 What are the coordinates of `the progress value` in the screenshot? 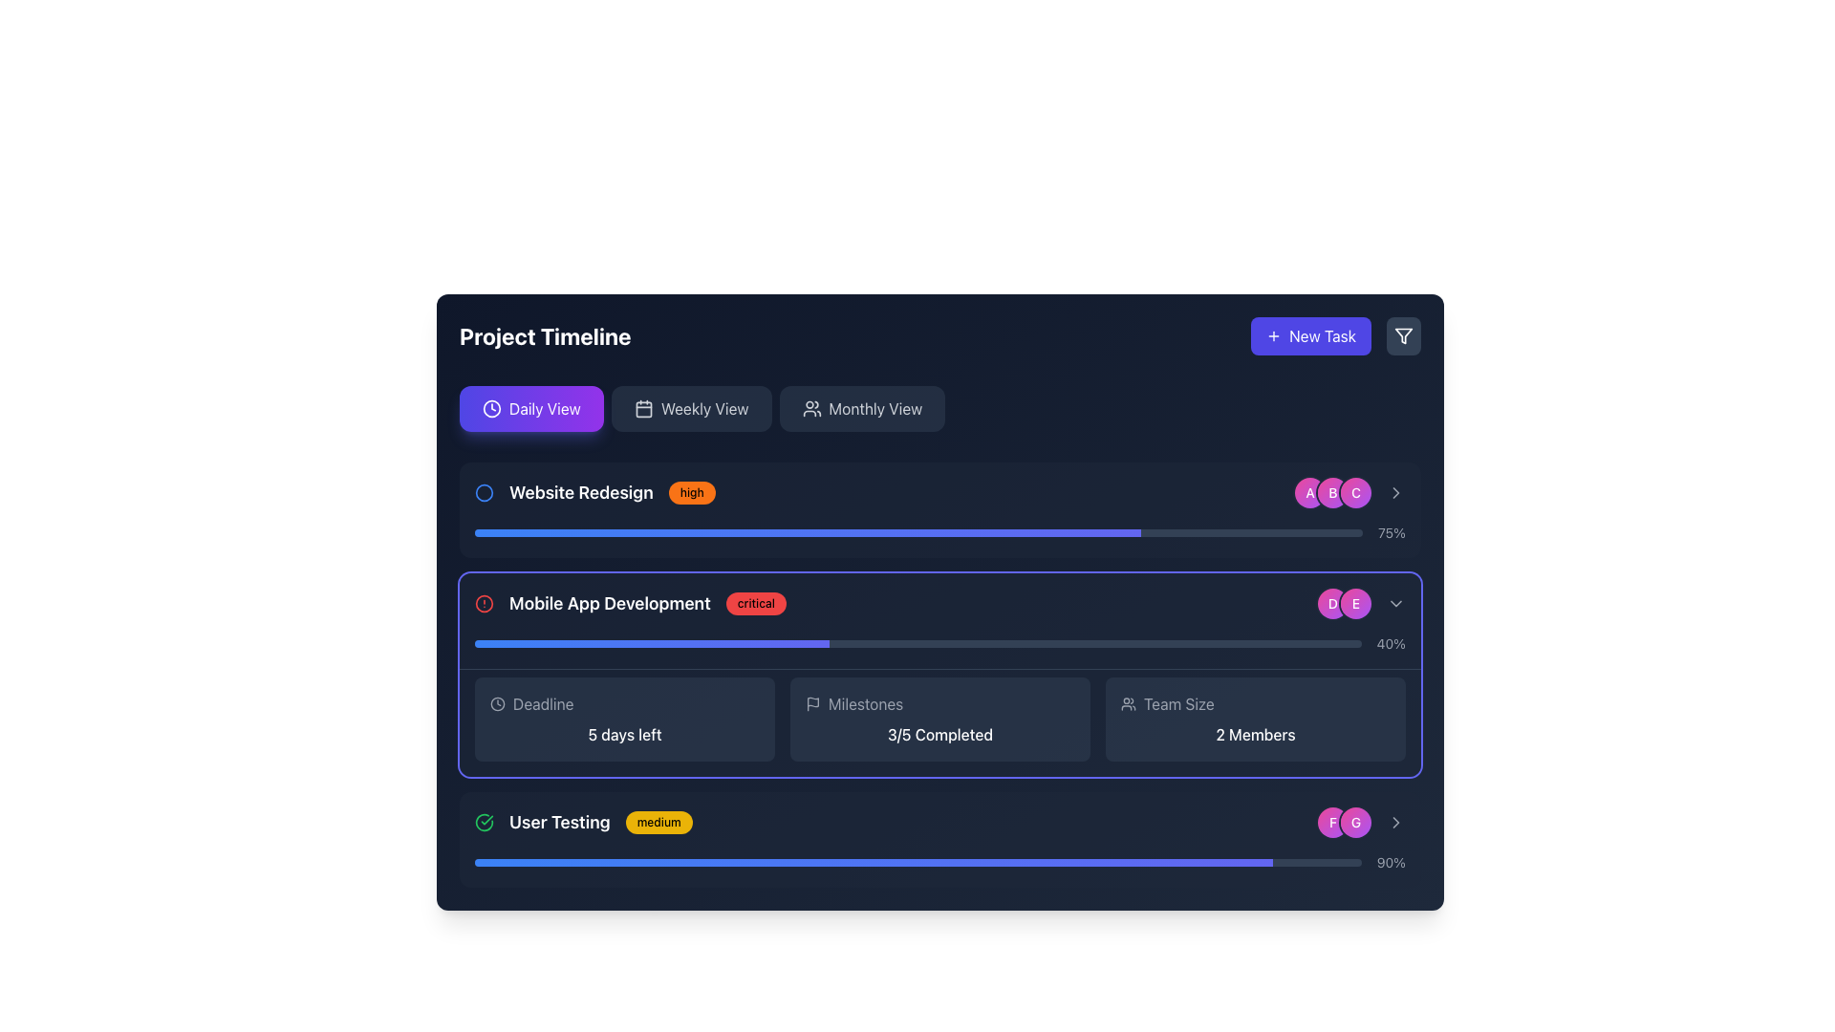 It's located at (499, 862).